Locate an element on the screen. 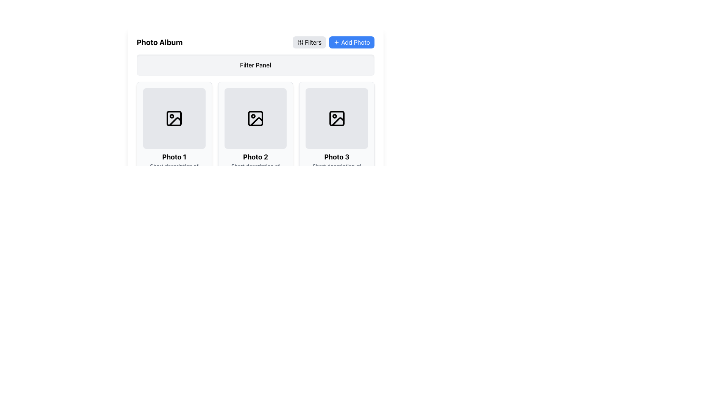  the Text Label that serves as a header for the filter section located near the top-center of the interface, beneath the 'Photo Album' title and buttons is located at coordinates (256, 65).